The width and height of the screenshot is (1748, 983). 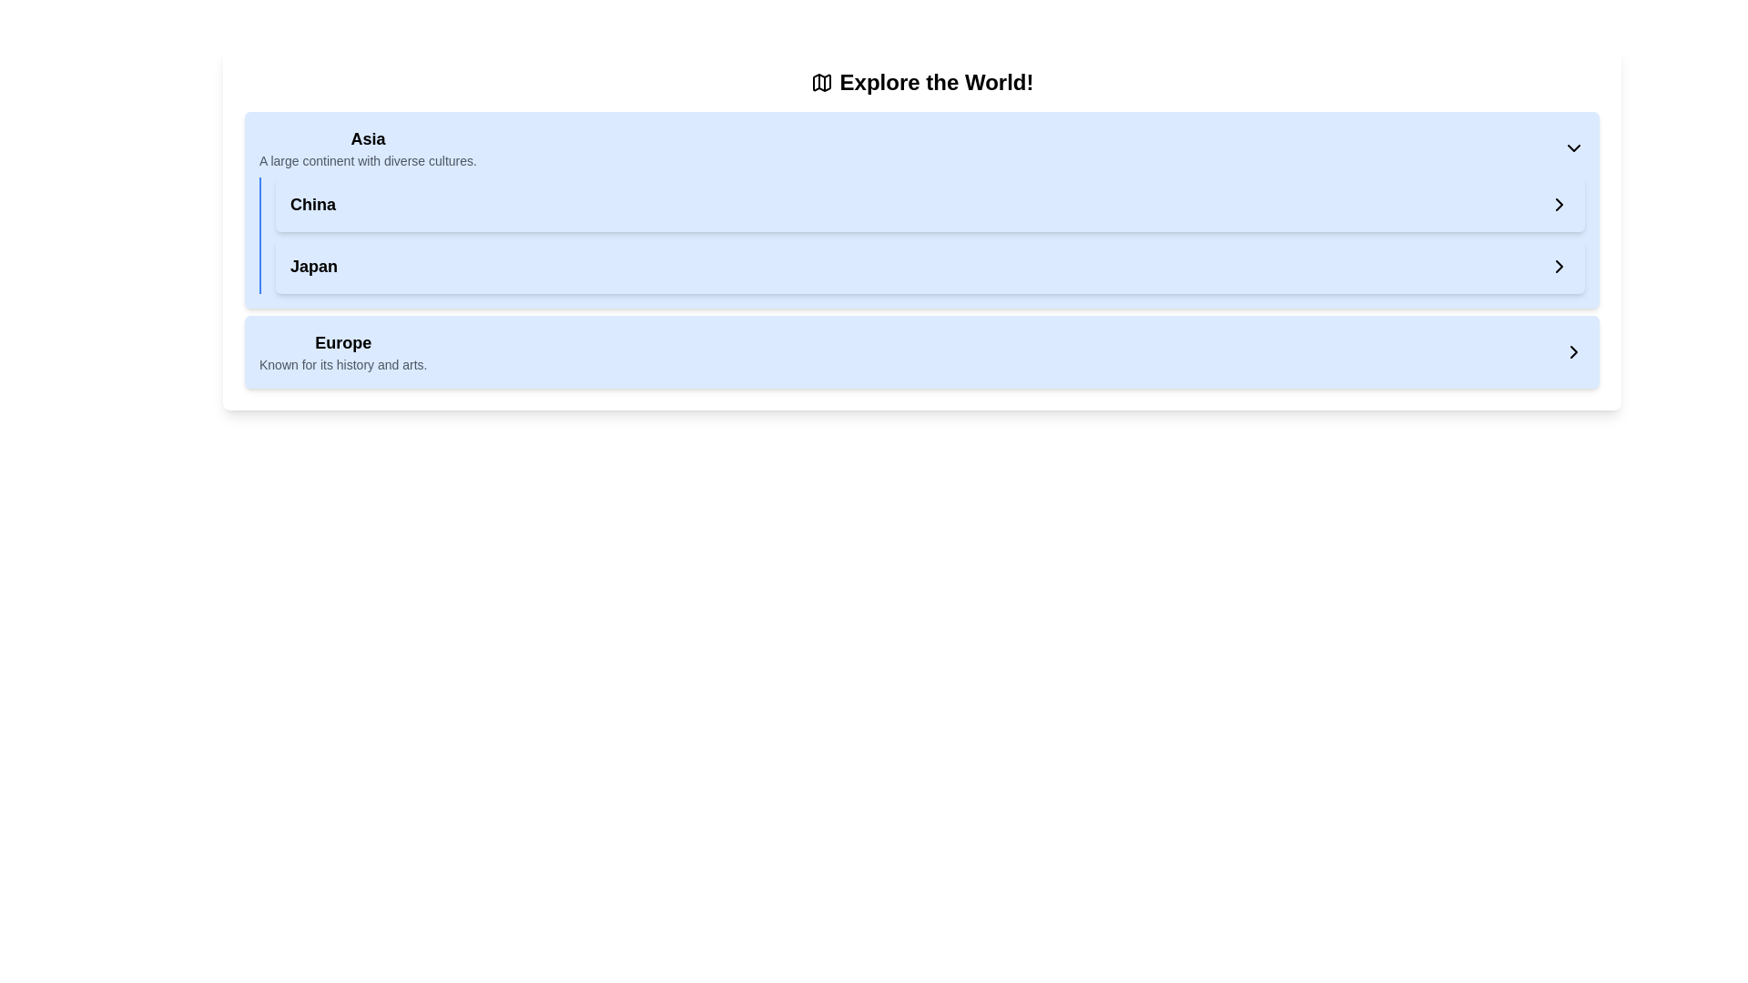 What do you see at coordinates (820, 83) in the screenshot?
I see `the decorative icon located to the left of the text 'Explore the World!' in the top area of the interface` at bounding box center [820, 83].